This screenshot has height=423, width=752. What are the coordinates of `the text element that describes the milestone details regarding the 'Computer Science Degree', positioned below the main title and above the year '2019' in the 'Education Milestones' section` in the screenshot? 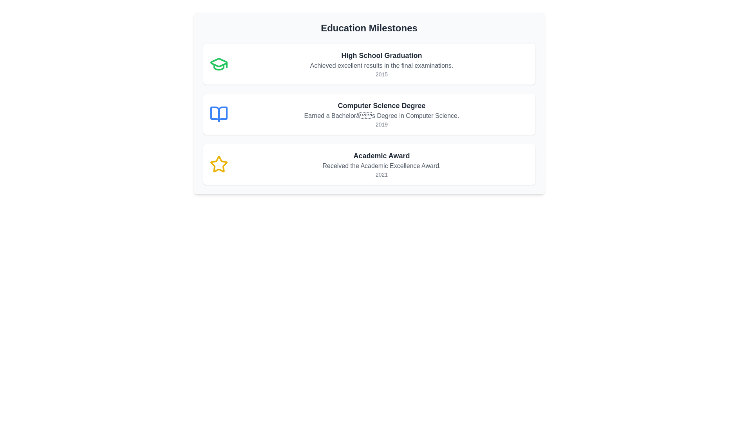 It's located at (381, 116).